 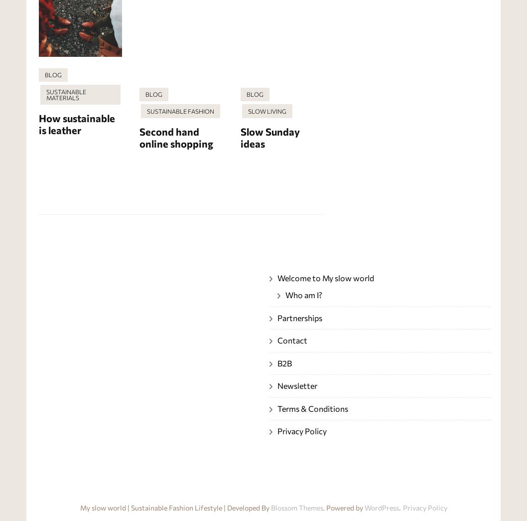 What do you see at coordinates (76, 123) in the screenshot?
I see `'How sustainable is leather'` at bounding box center [76, 123].